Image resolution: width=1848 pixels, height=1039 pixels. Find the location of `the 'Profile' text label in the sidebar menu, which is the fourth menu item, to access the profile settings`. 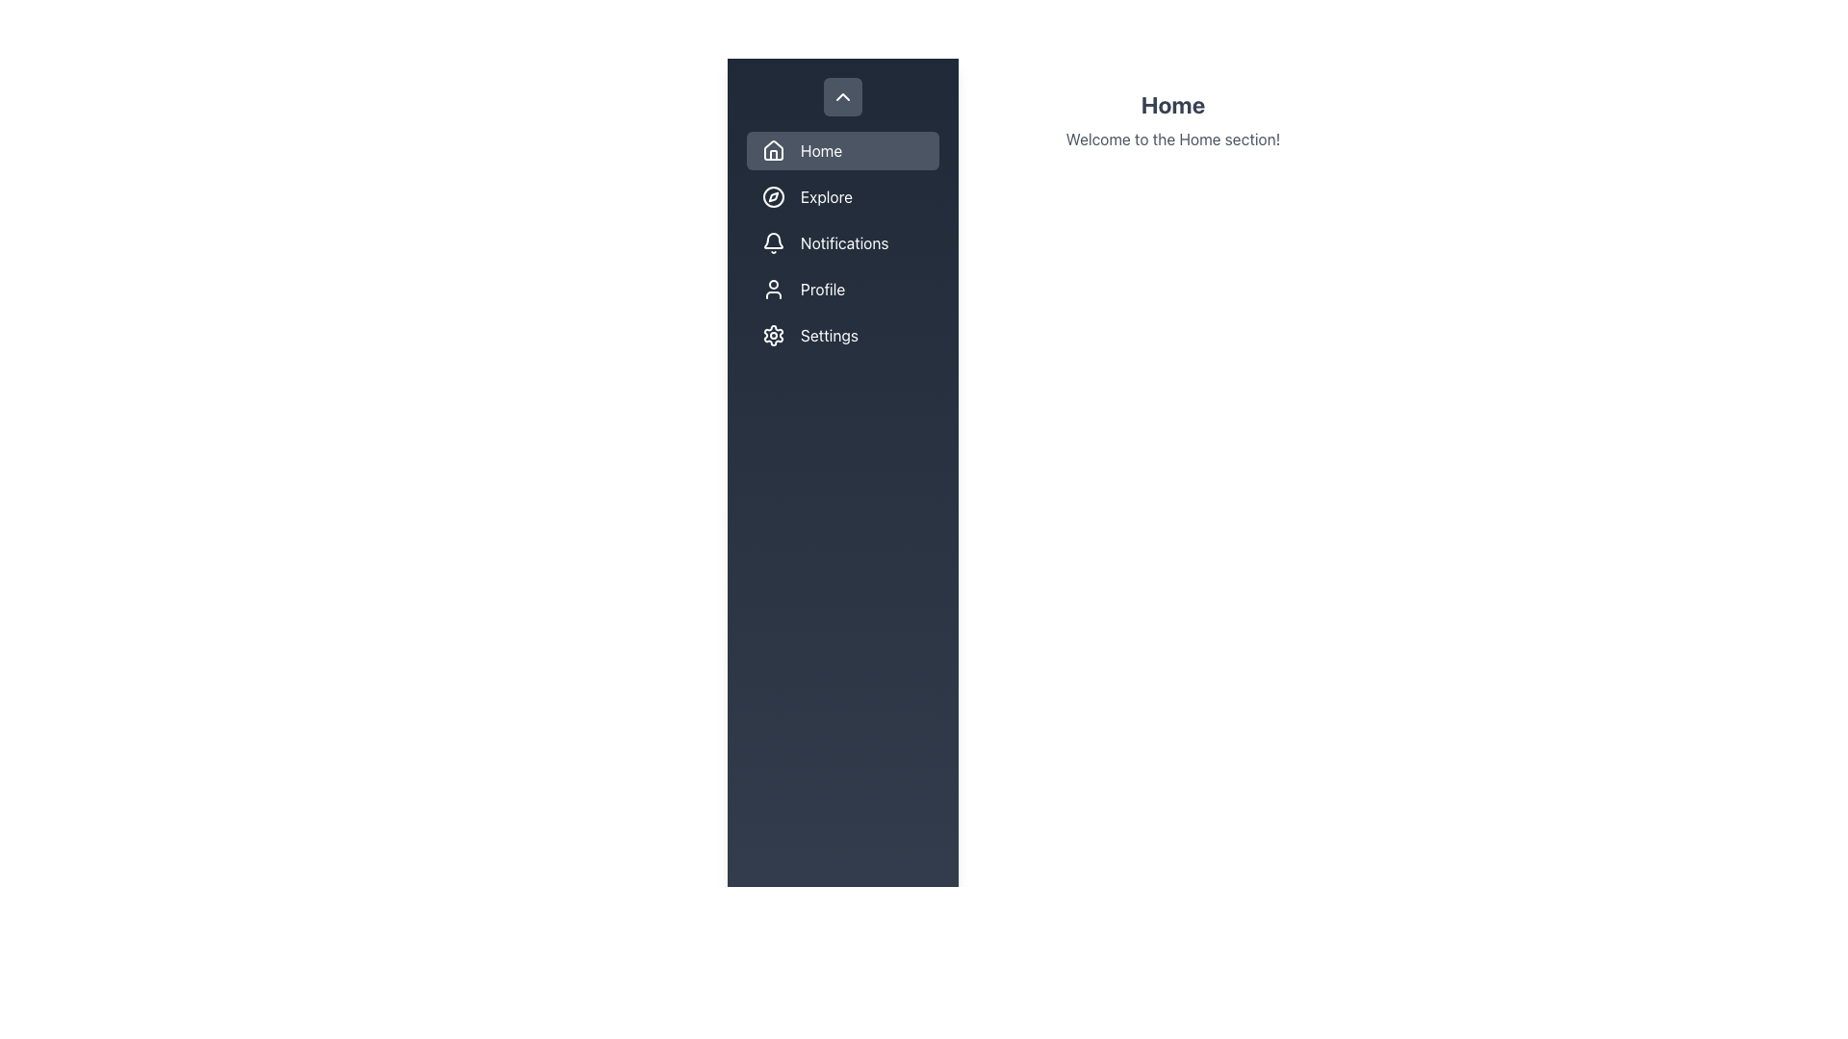

the 'Profile' text label in the sidebar menu, which is the fourth menu item, to access the profile settings is located at coordinates (823, 289).